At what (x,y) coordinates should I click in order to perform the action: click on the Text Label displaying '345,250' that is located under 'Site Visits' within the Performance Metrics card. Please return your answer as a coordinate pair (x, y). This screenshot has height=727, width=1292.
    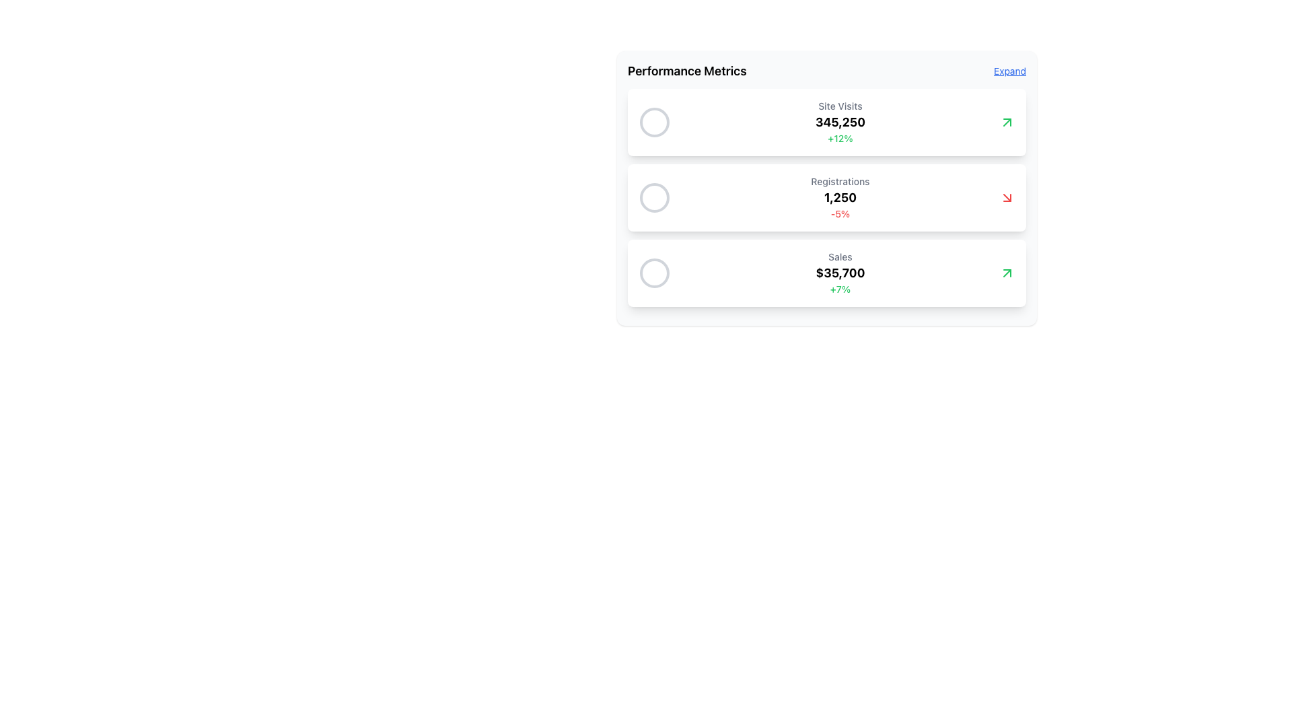
    Looking at the image, I should click on (839, 122).